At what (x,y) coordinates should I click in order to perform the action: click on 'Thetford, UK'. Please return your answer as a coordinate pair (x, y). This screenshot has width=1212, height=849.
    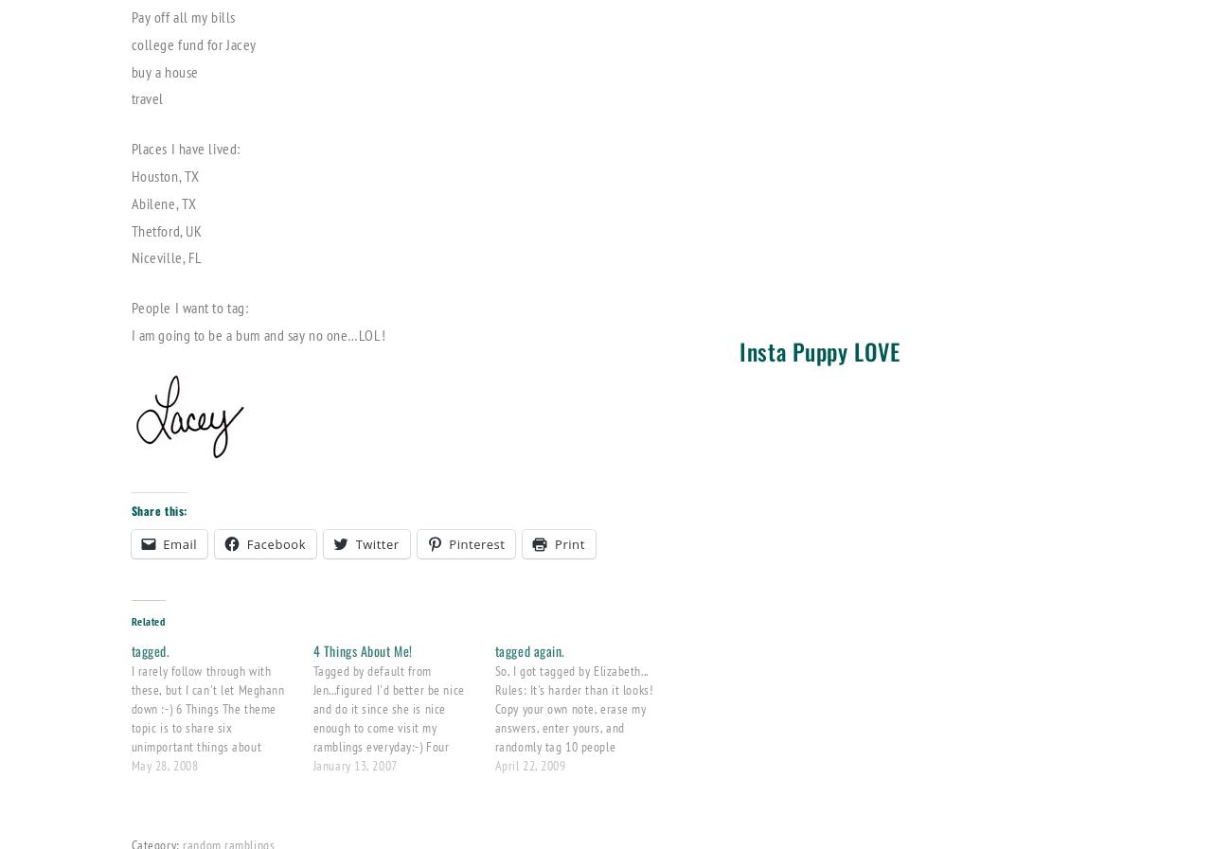
    Looking at the image, I should click on (166, 228).